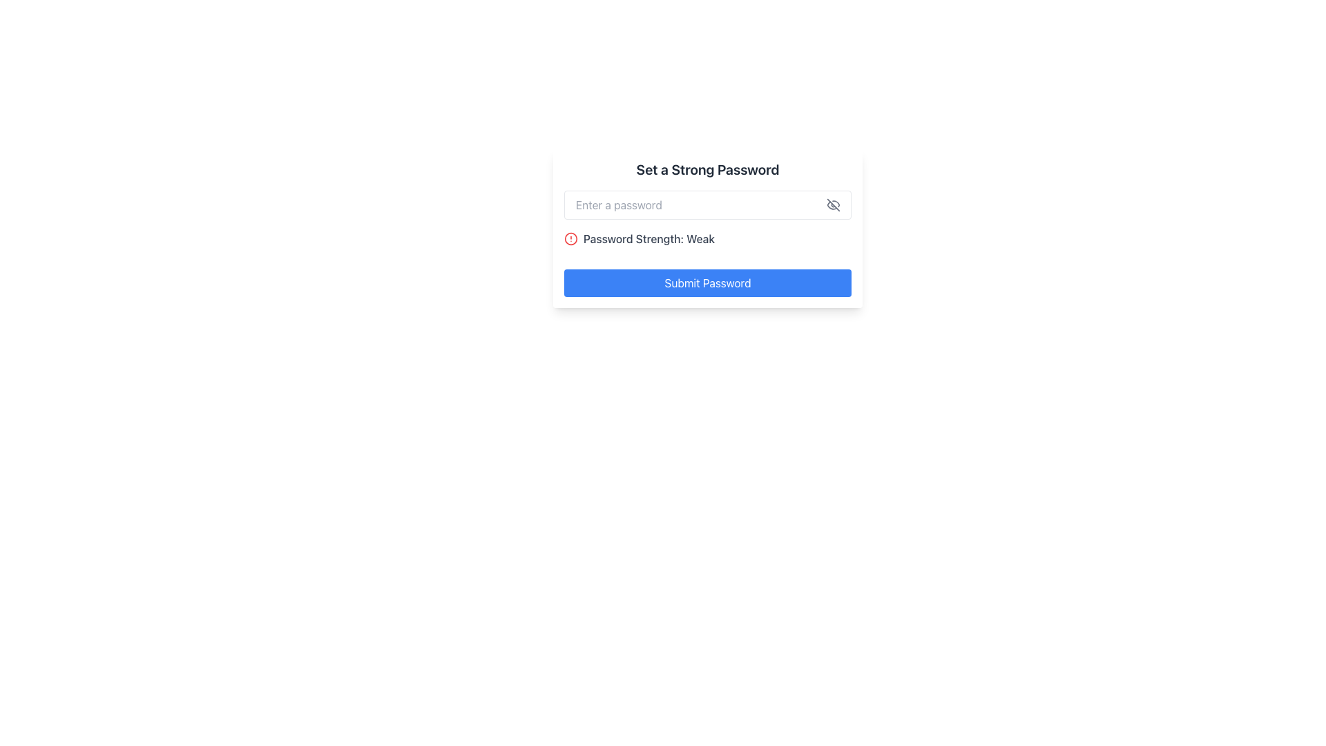 The height and width of the screenshot is (746, 1326). I want to click on the diagonal strikethrough line of the 'hide/show password' icon, so click(832, 205).